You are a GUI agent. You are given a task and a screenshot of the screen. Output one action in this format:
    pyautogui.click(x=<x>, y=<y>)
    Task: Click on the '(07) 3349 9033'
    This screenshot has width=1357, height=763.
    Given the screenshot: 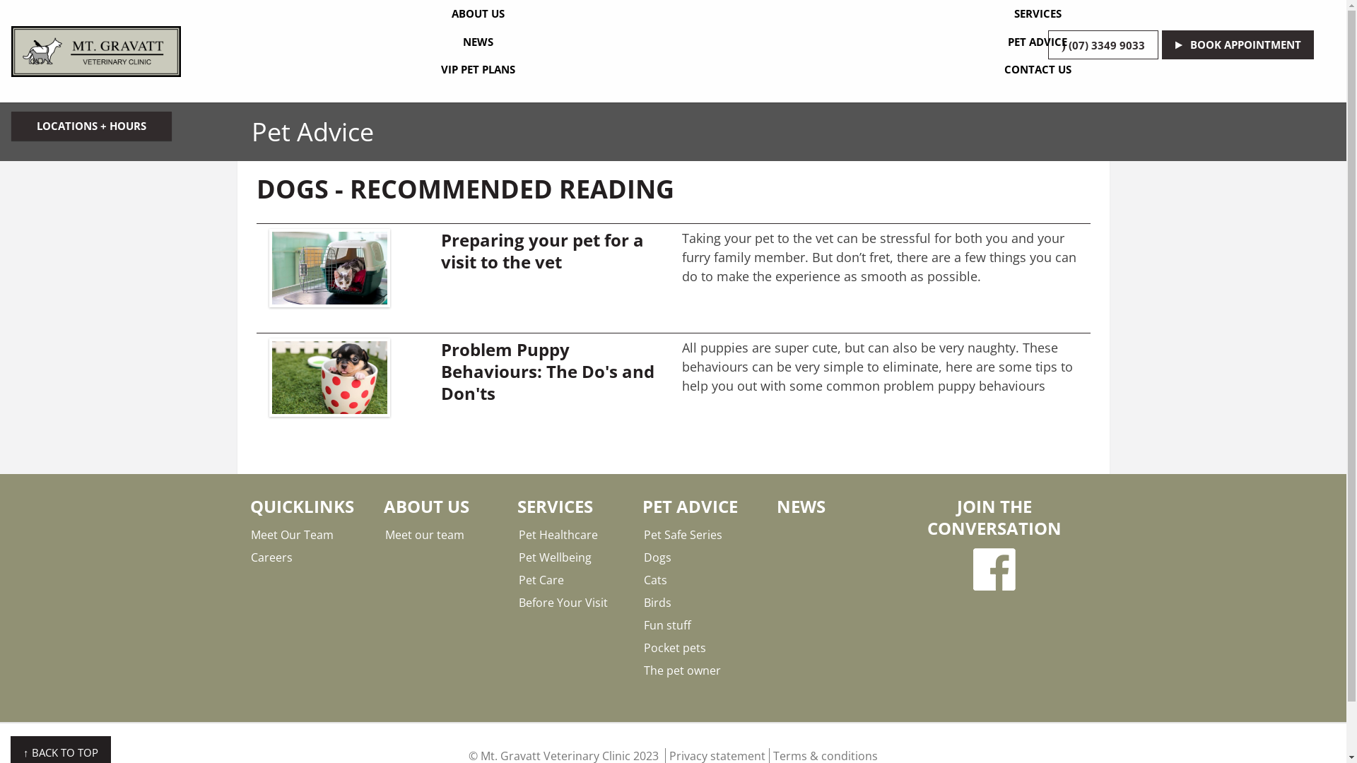 What is the action you would take?
    pyautogui.click(x=1102, y=44)
    